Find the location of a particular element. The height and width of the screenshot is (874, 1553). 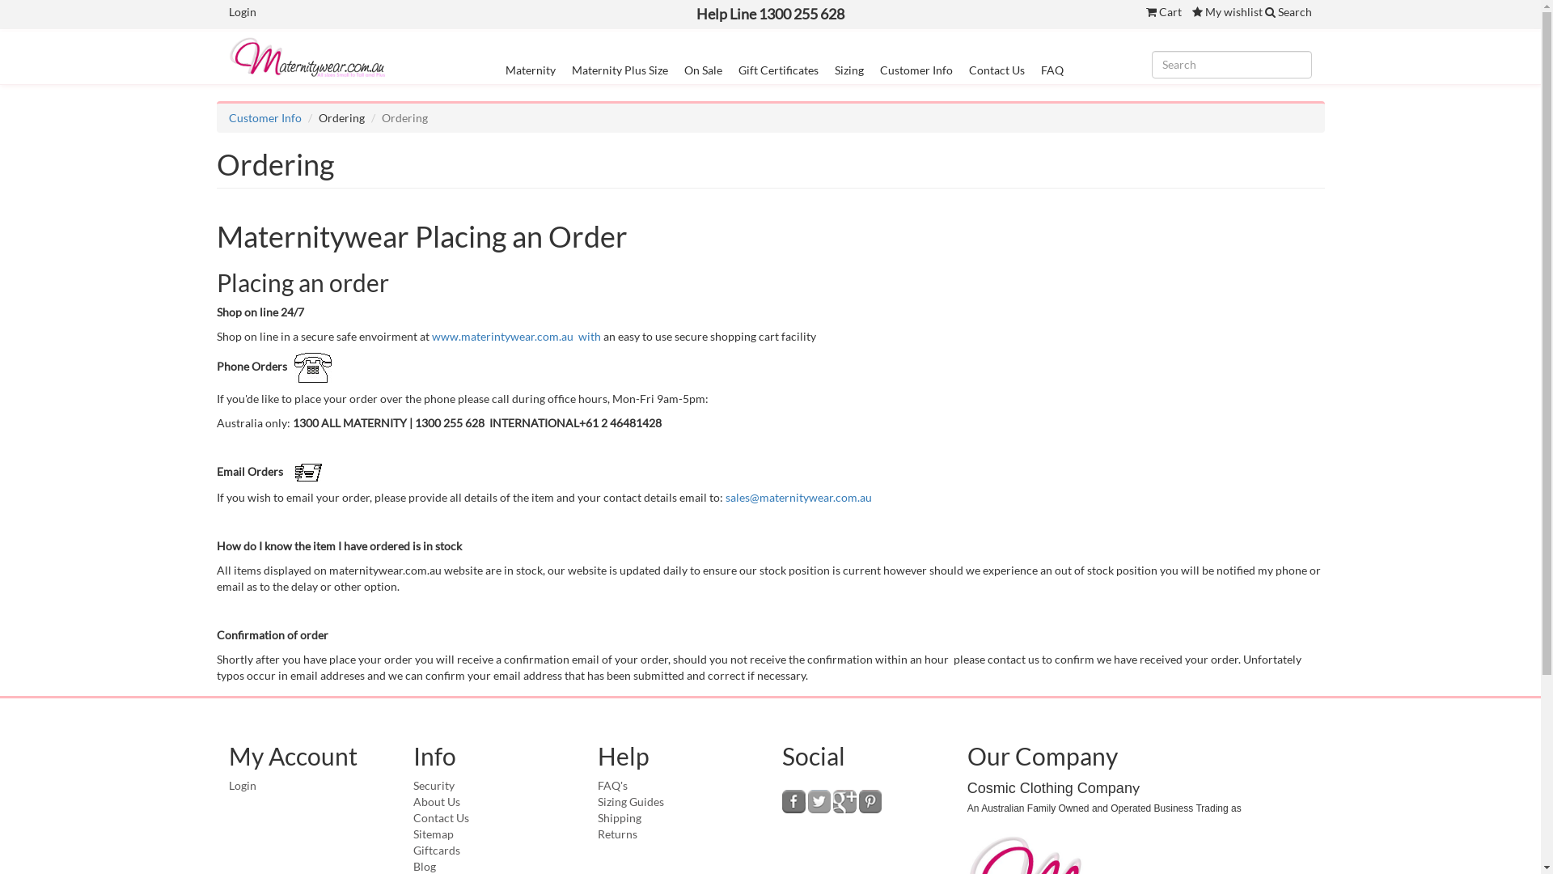

'Customer Info' is located at coordinates (227, 117).